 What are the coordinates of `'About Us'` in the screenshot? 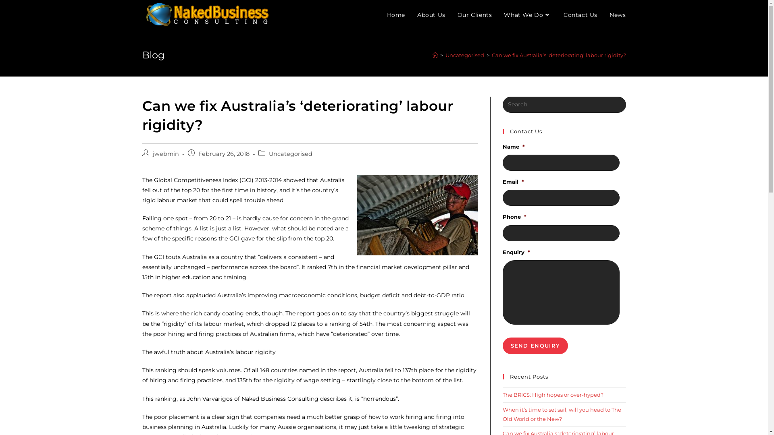 It's located at (431, 15).